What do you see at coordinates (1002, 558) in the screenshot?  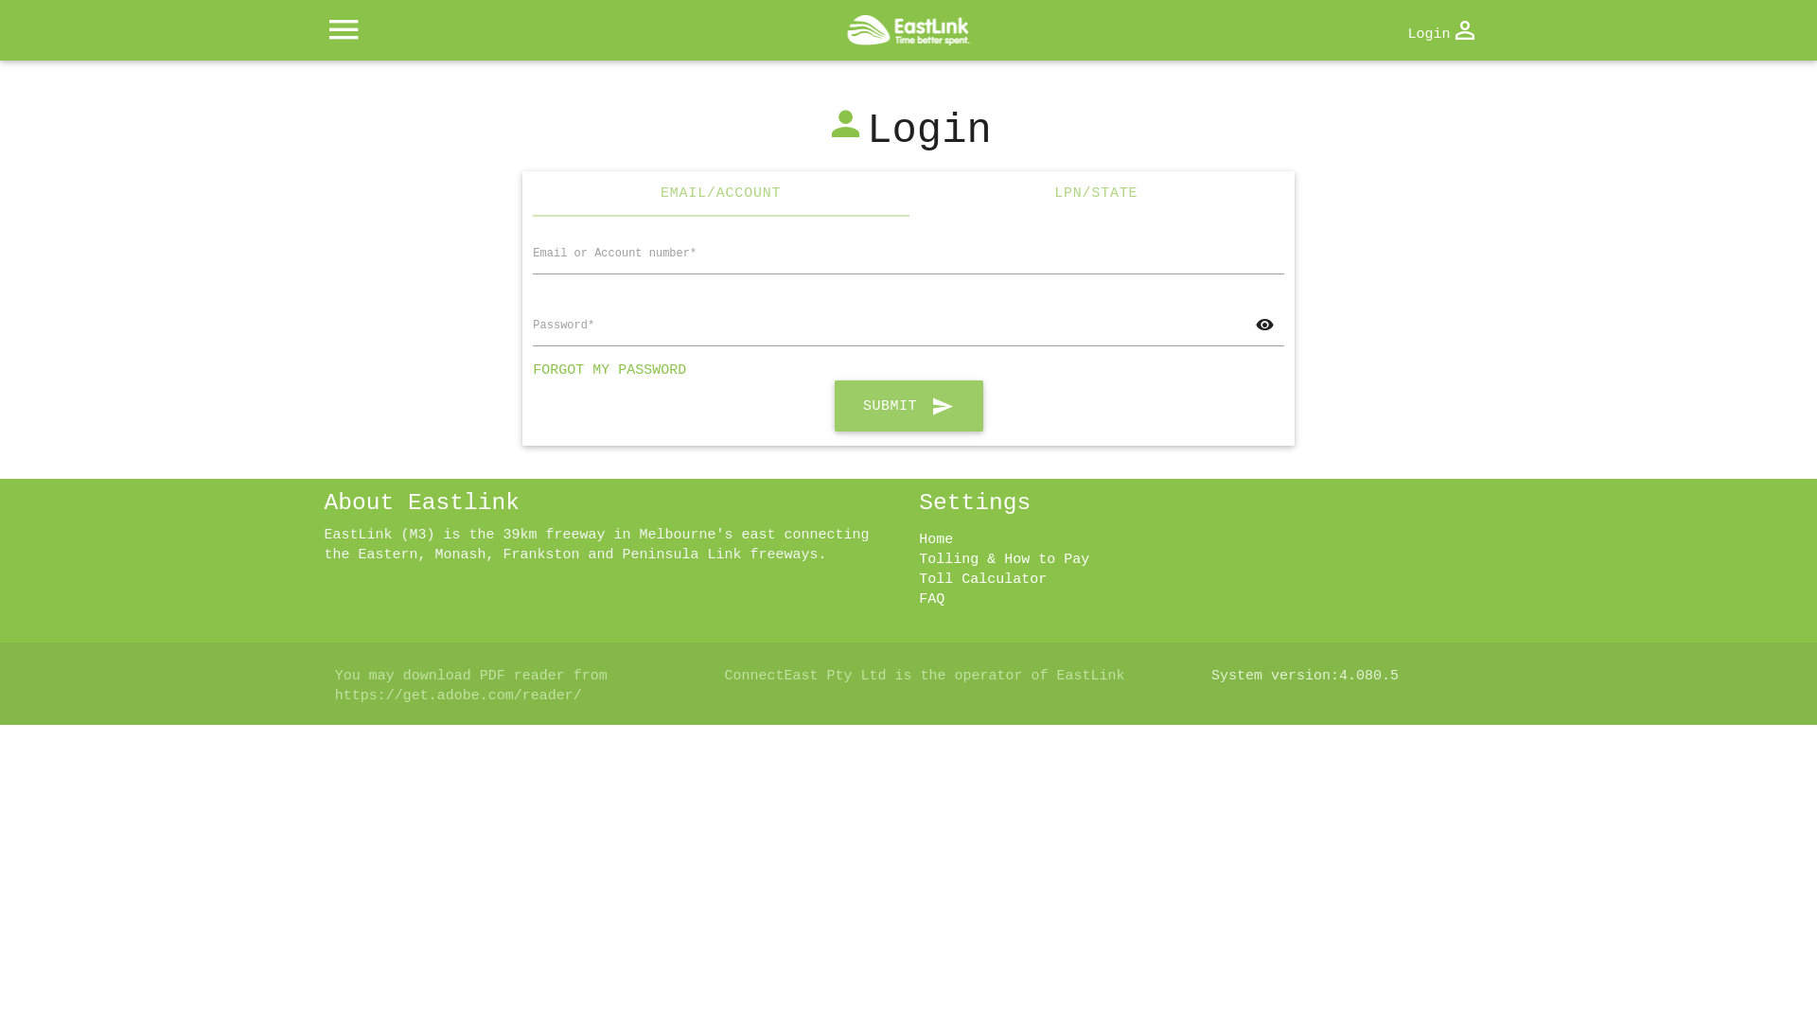 I see `'Tolling & How to Pay'` at bounding box center [1002, 558].